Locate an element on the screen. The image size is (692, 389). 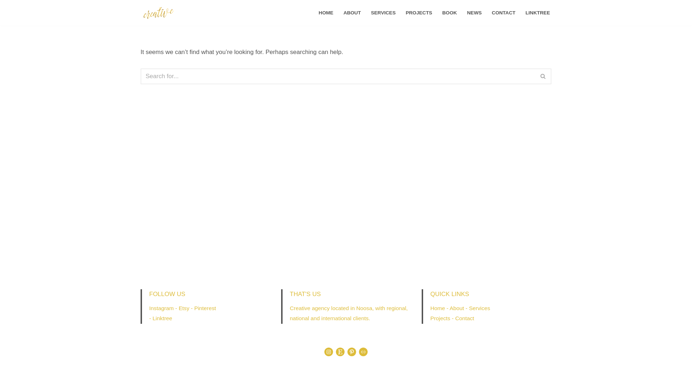
'PROJECTS' is located at coordinates (419, 13).